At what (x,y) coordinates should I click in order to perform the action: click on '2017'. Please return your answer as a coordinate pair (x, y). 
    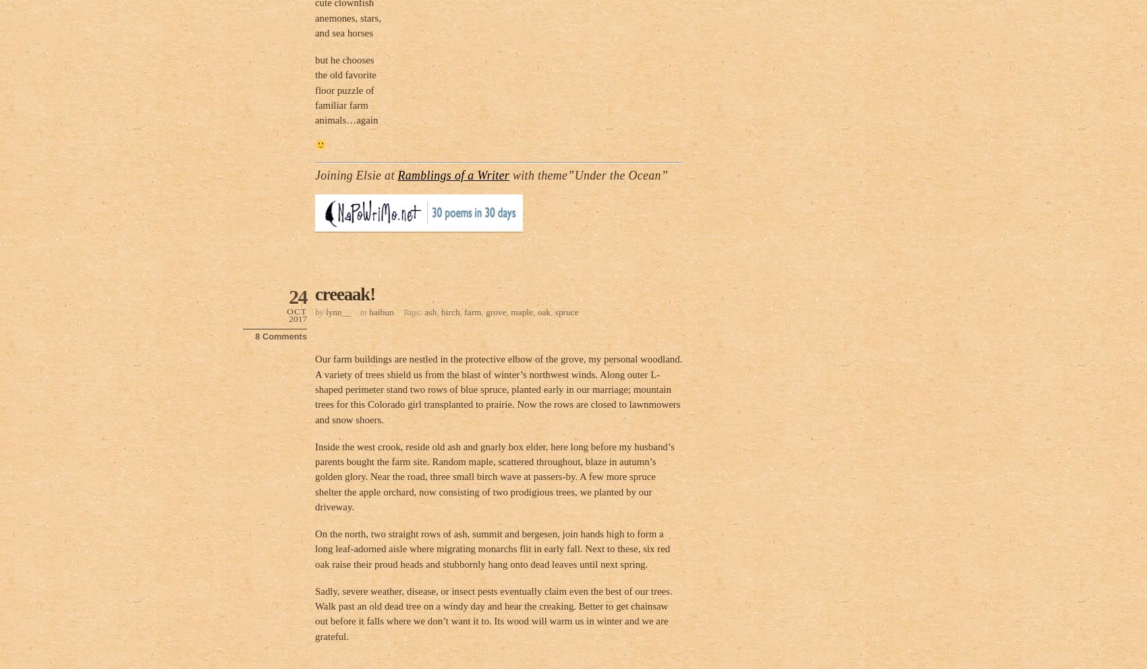
    Looking at the image, I should click on (298, 318).